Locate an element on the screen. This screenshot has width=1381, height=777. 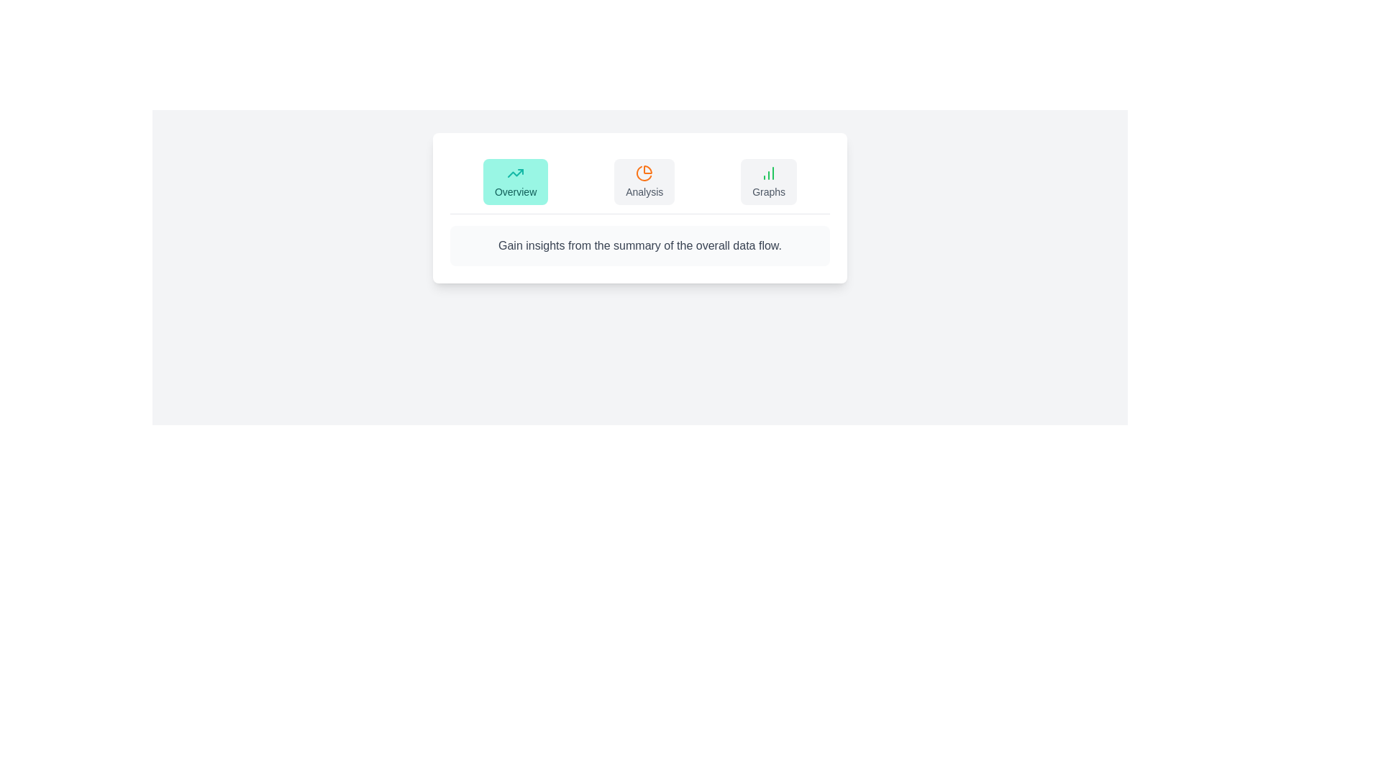
the Graphs tab to view its content is located at coordinates (768, 181).